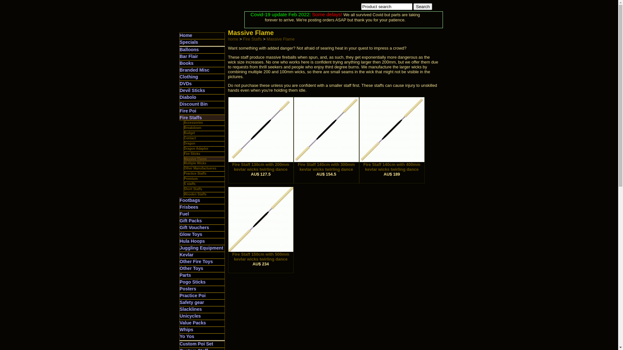 This screenshot has height=350, width=623. Describe the element at coordinates (189, 207) in the screenshot. I see `'Frisbees'` at that location.